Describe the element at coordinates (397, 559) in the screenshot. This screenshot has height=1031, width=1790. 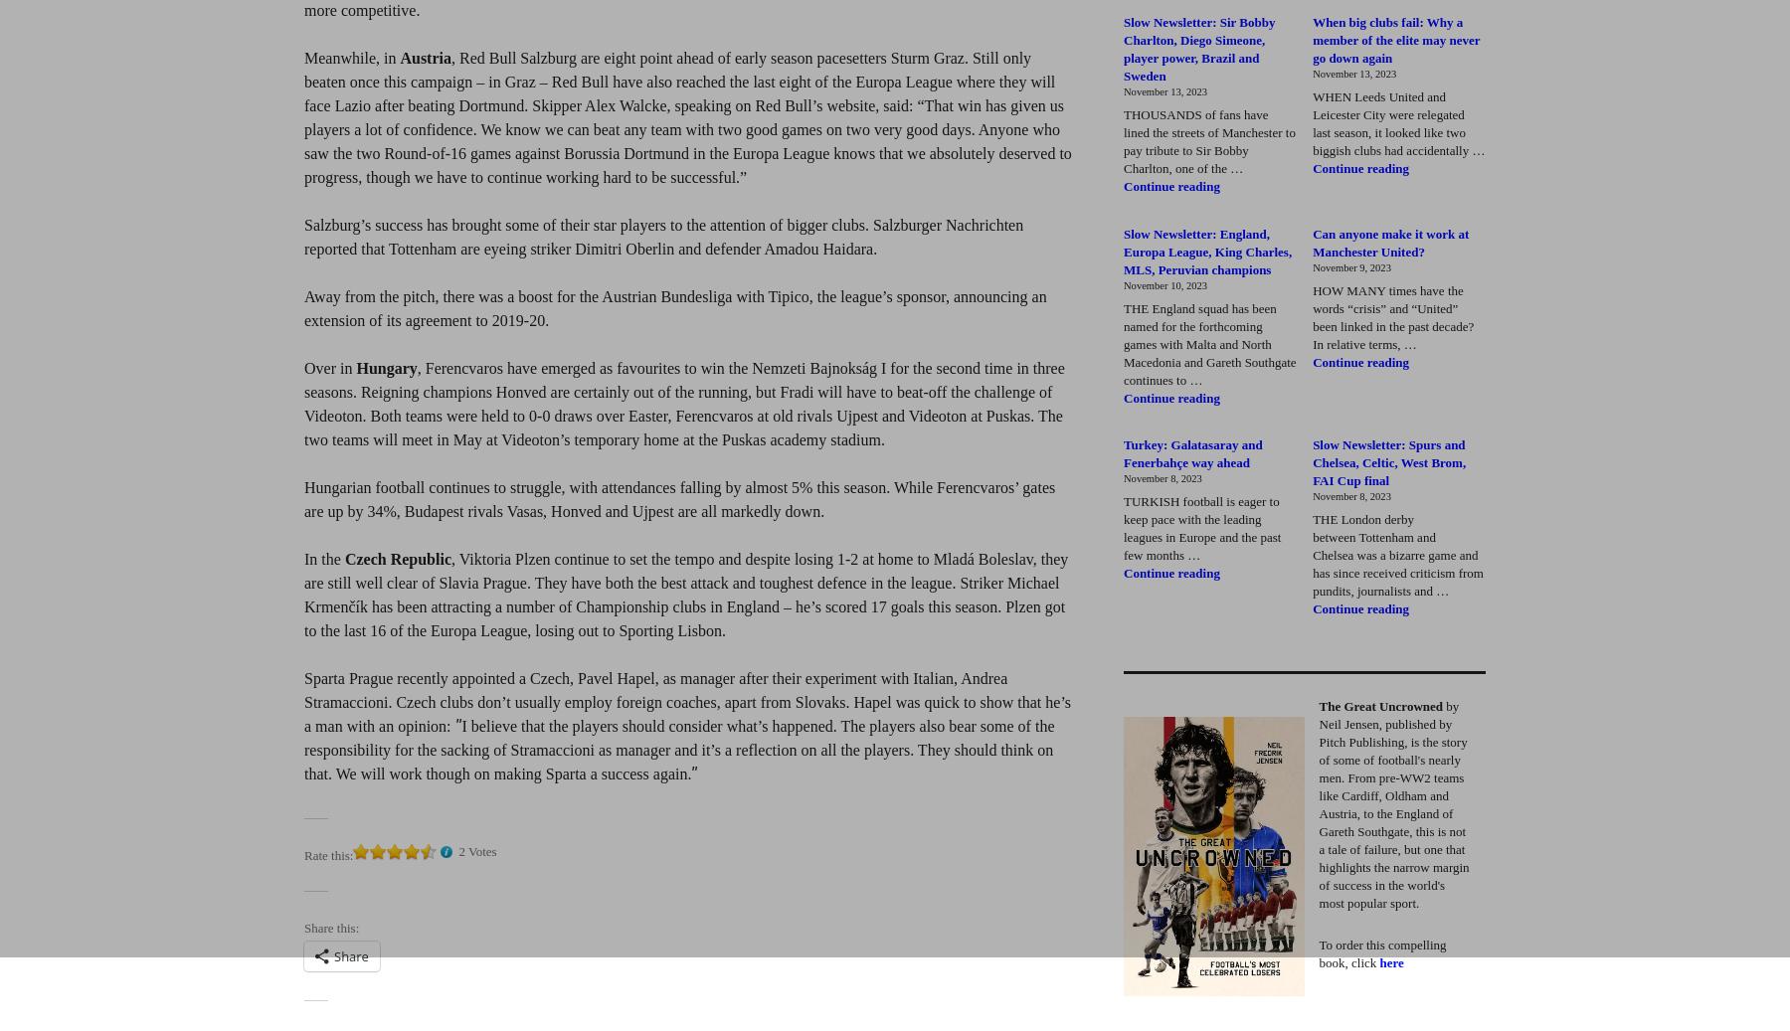
I see `'Czech Republic'` at that location.